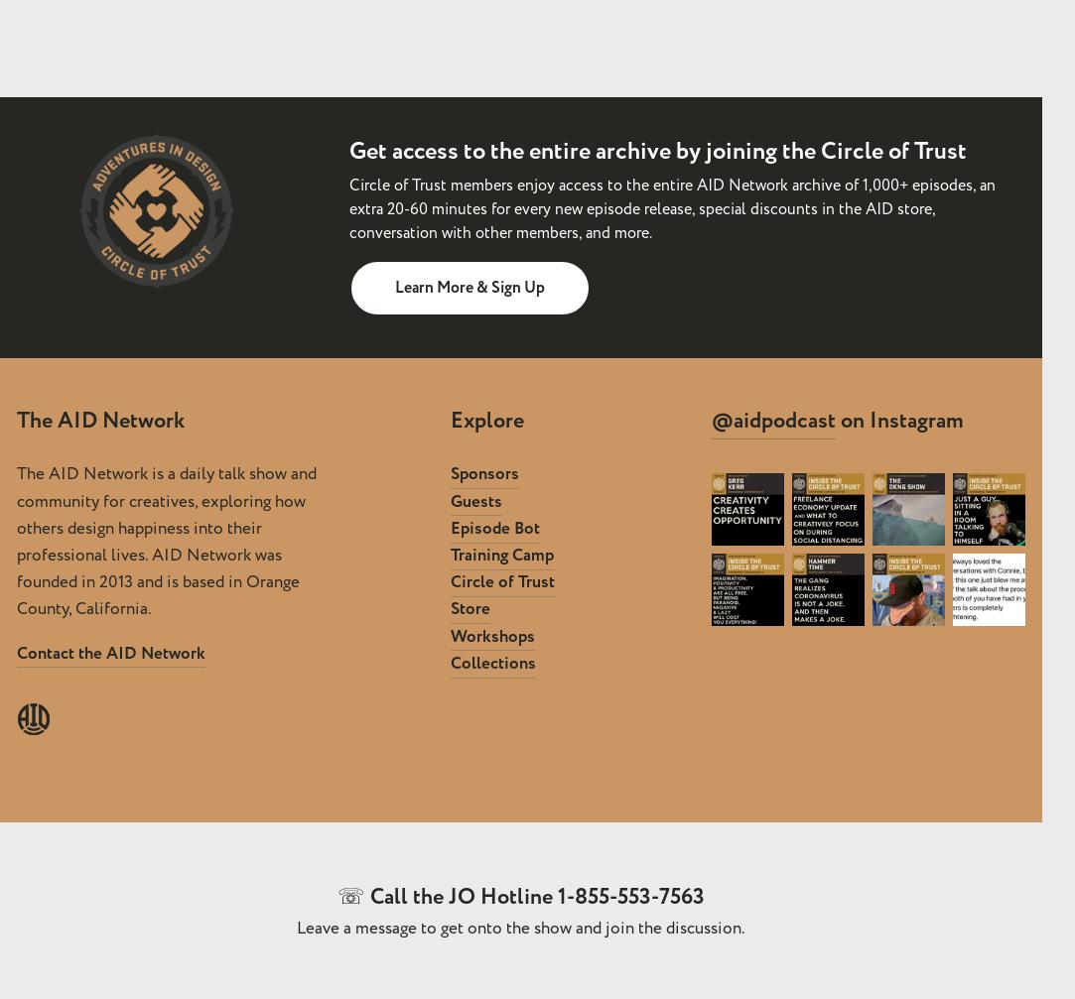  I want to click on 'Guests', so click(449, 500).